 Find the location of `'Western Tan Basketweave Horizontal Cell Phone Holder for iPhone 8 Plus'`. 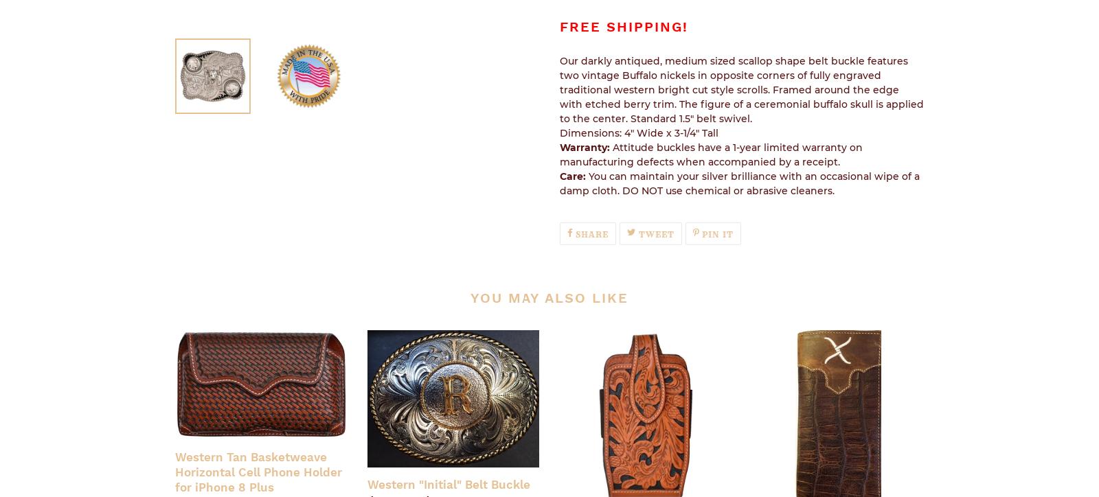

'Western Tan Basketweave Horizontal Cell Phone Holder for iPhone 8 Plus' is located at coordinates (258, 471).